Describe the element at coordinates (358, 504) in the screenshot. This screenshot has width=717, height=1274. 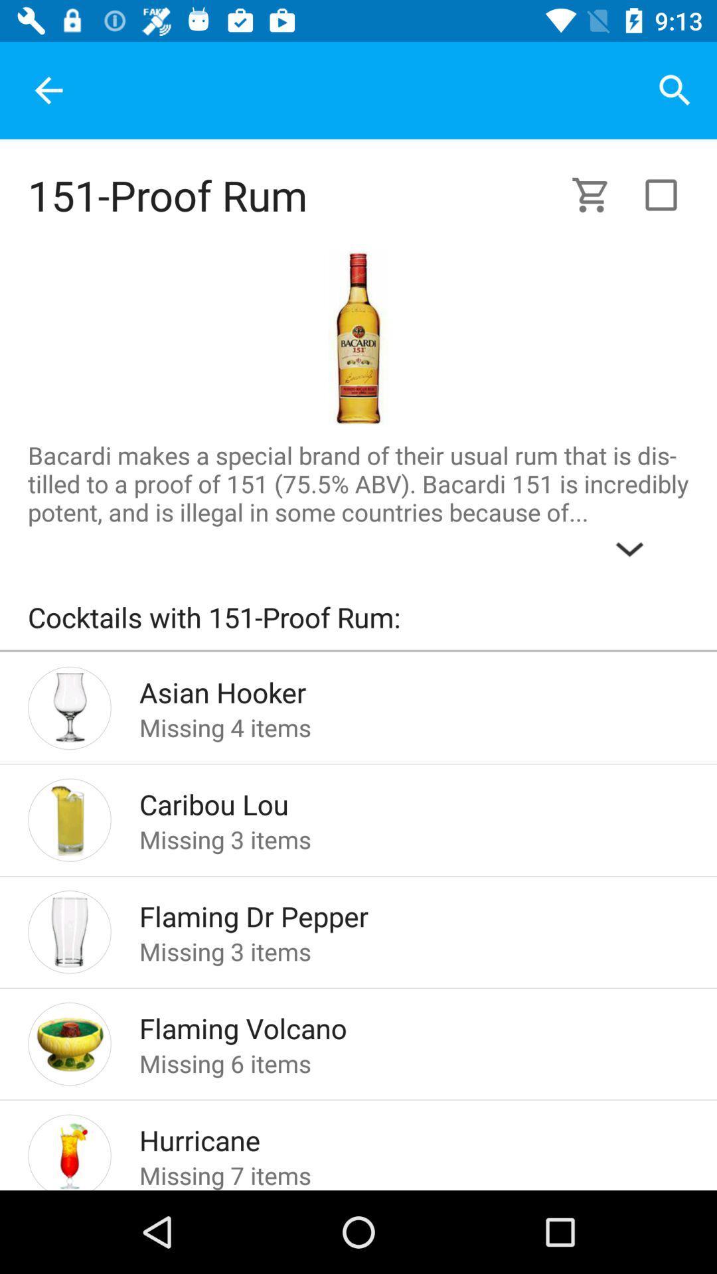
I see `icon above cocktails with 151` at that location.